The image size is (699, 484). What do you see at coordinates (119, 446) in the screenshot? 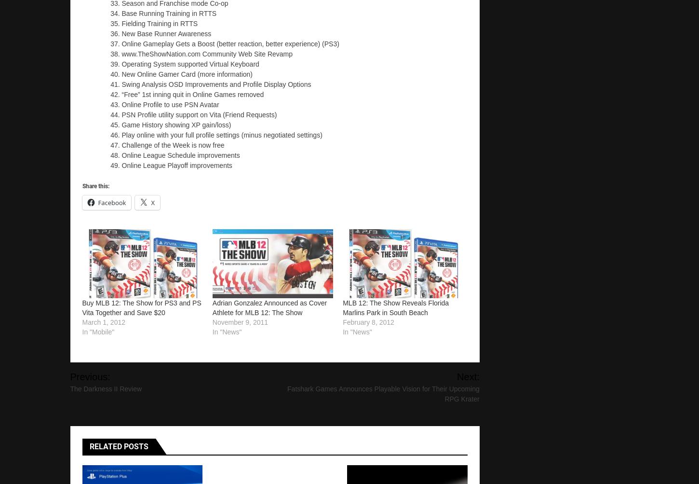
I see `'Related Posts'` at bounding box center [119, 446].